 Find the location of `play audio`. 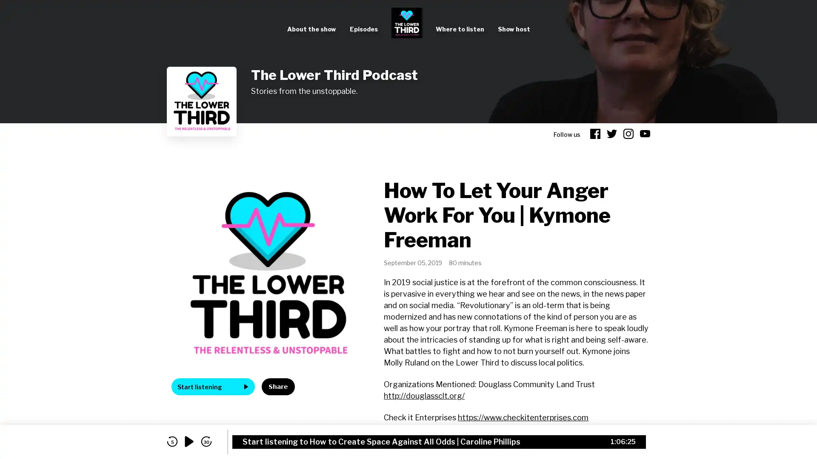

play audio is located at coordinates (189, 441).